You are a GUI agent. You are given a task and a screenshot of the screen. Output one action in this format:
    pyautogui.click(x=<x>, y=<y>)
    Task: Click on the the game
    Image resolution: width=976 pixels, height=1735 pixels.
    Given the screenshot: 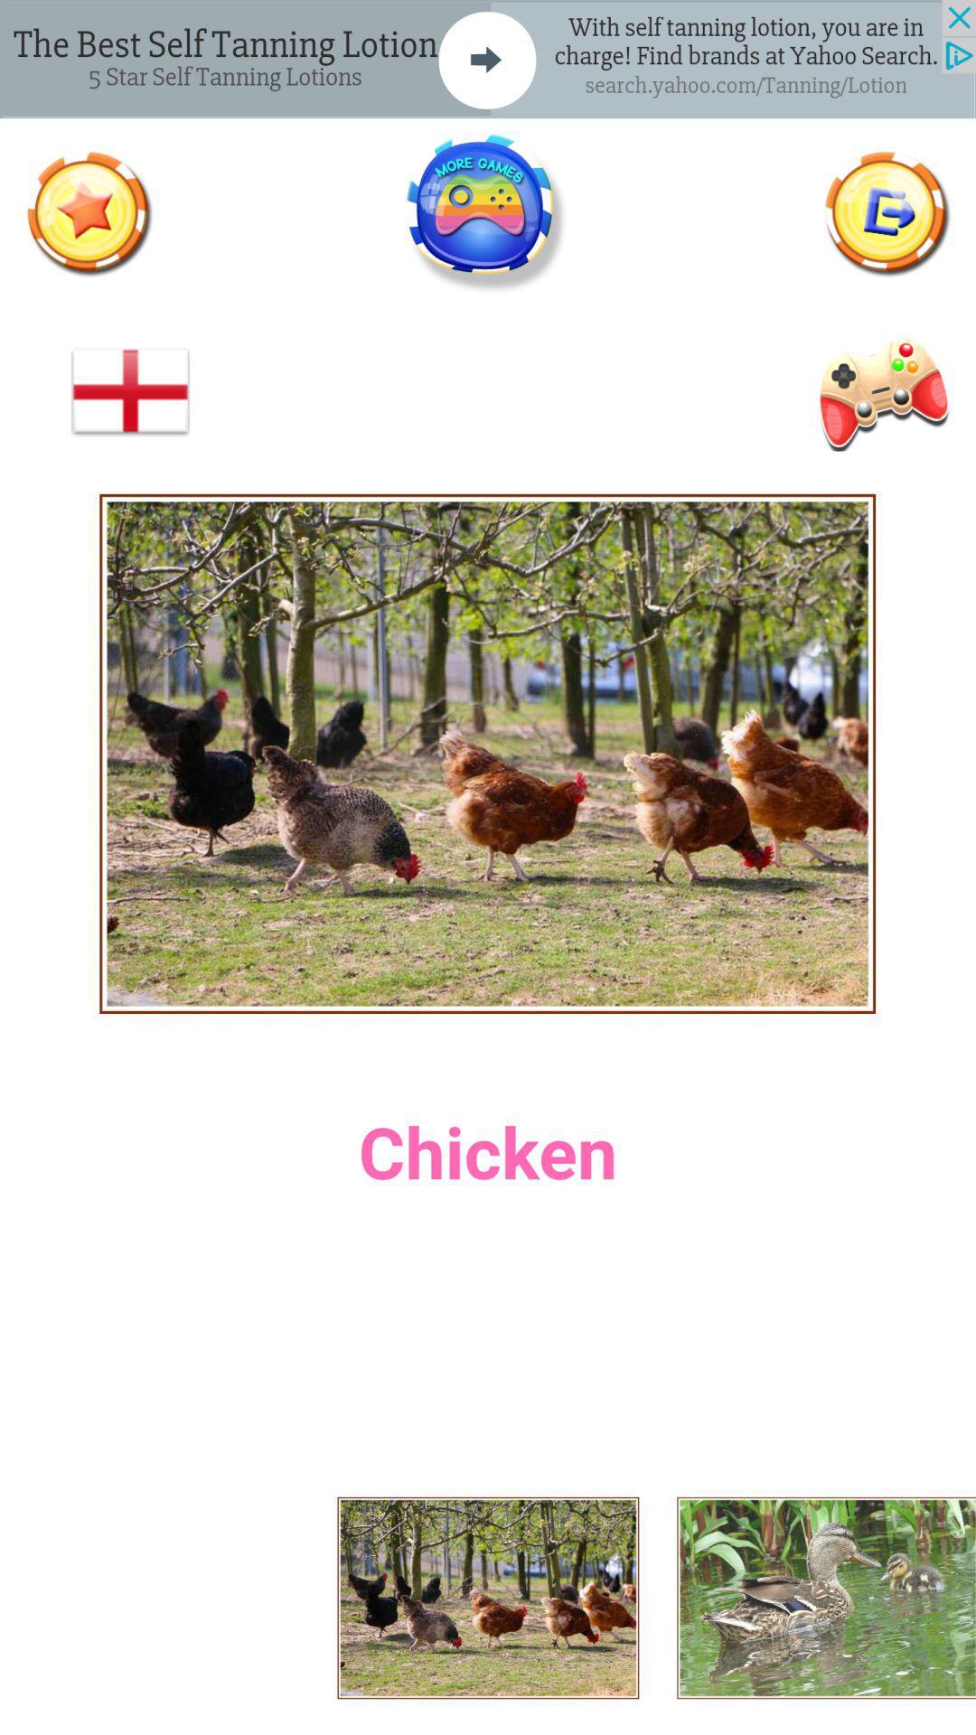 What is the action you would take?
    pyautogui.click(x=486, y=213)
    